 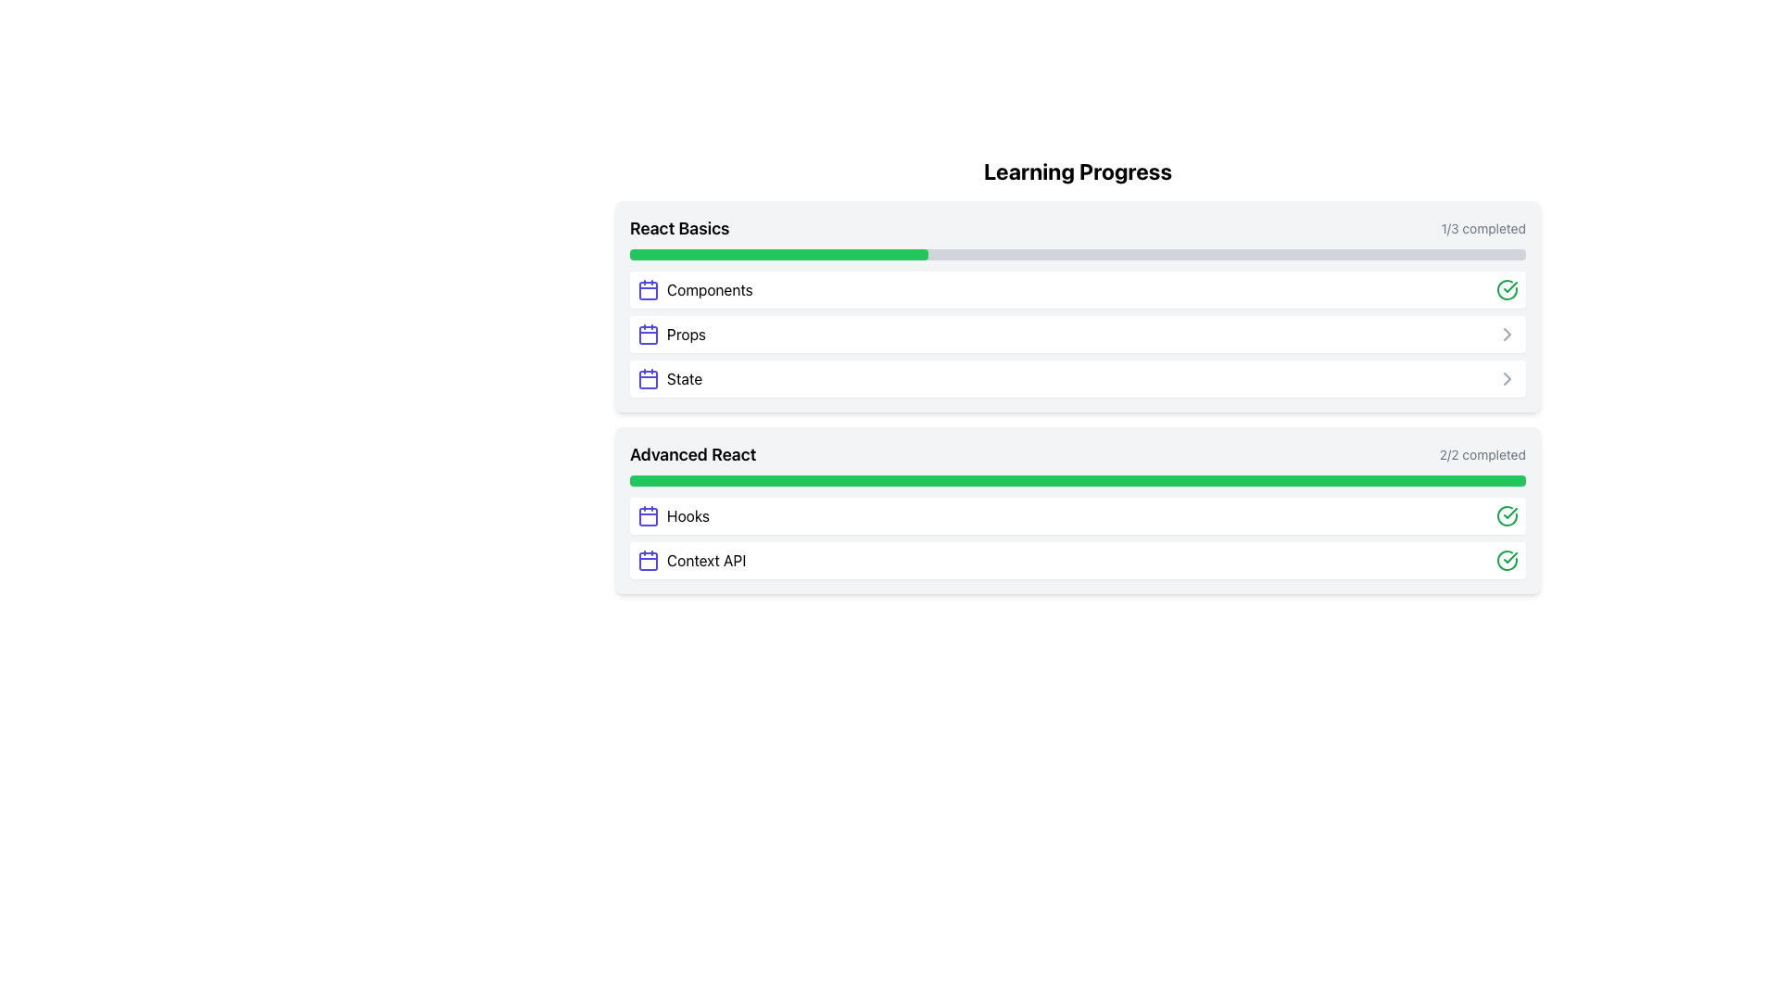 What do you see at coordinates (670, 335) in the screenshot?
I see `the second List Item under the 'React Basics' section, which provides details about the 'Props' concept` at bounding box center [670, 335].